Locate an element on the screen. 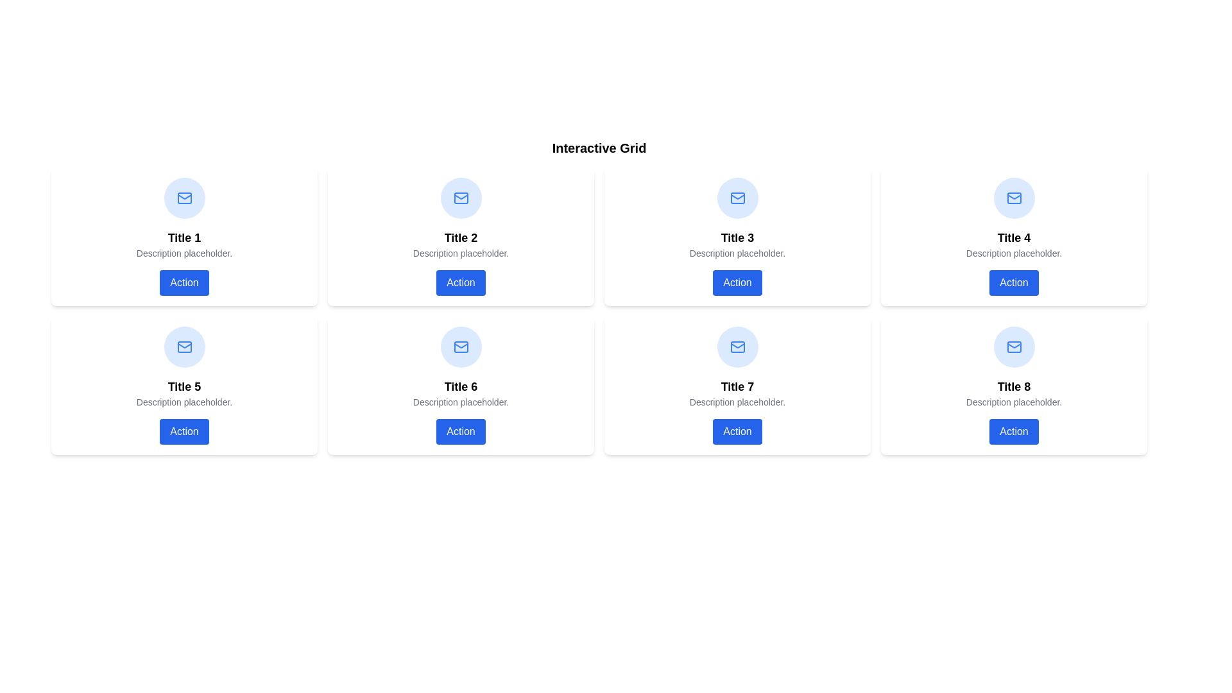  the decorative icon representing email or message functionality located in the card labeled 'Title 2', which is positioned in the second position of the top row is located at coordinates (461, 198).